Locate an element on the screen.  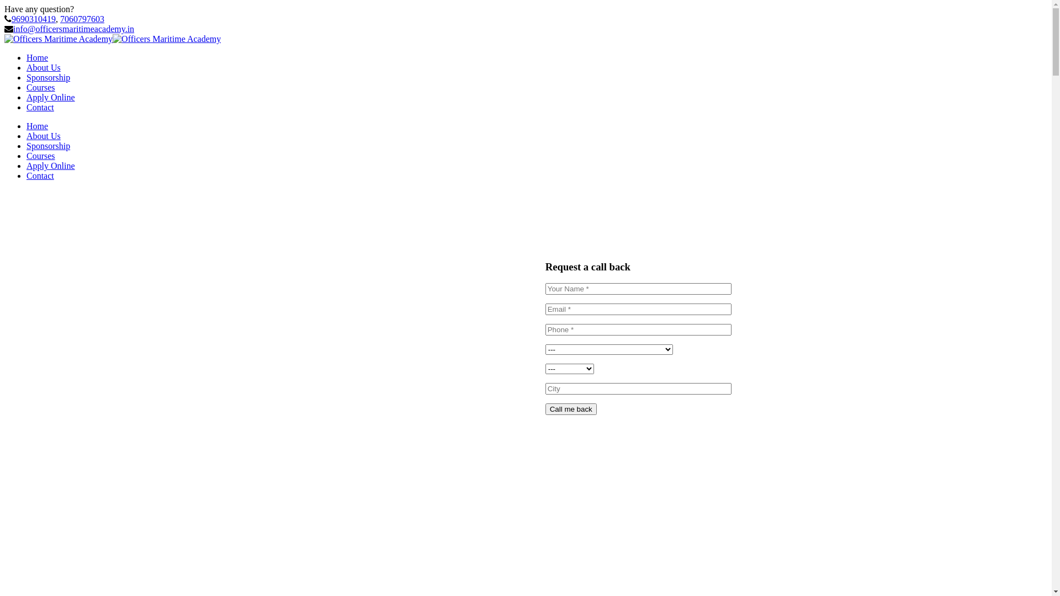
'Courses' is located at coordinates (40, 156).